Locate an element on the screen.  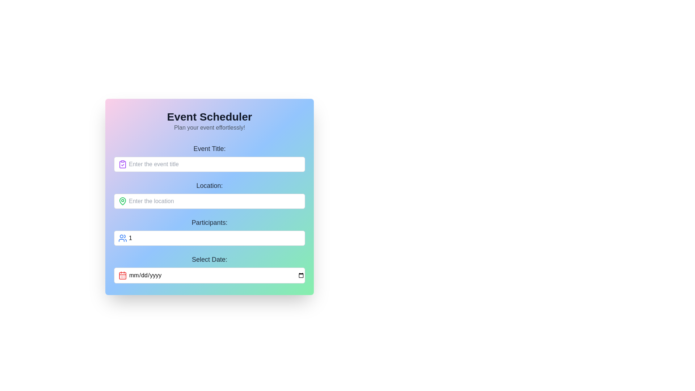
the date input field with a light gray border and rounded corners to focus on it is located at coordinates (209, 275).